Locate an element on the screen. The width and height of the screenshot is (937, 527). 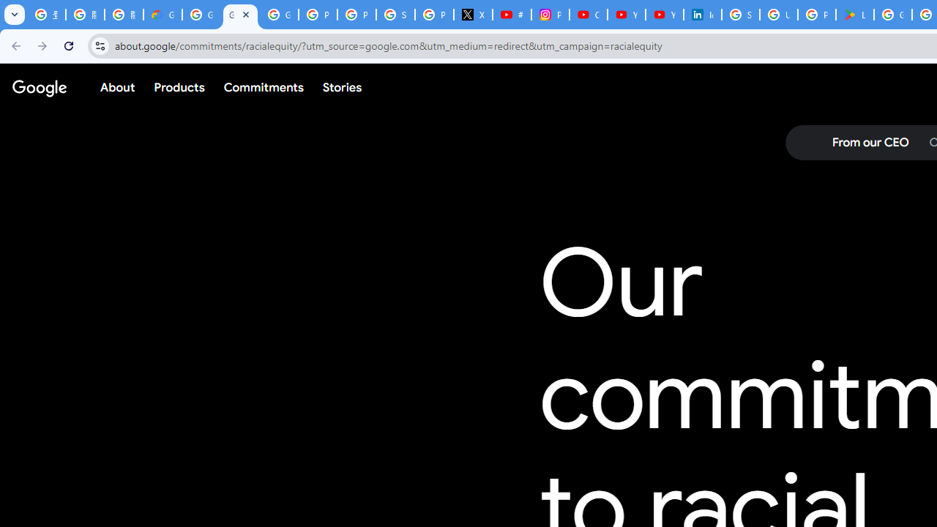
'X' is located at coordinates (473, 15).